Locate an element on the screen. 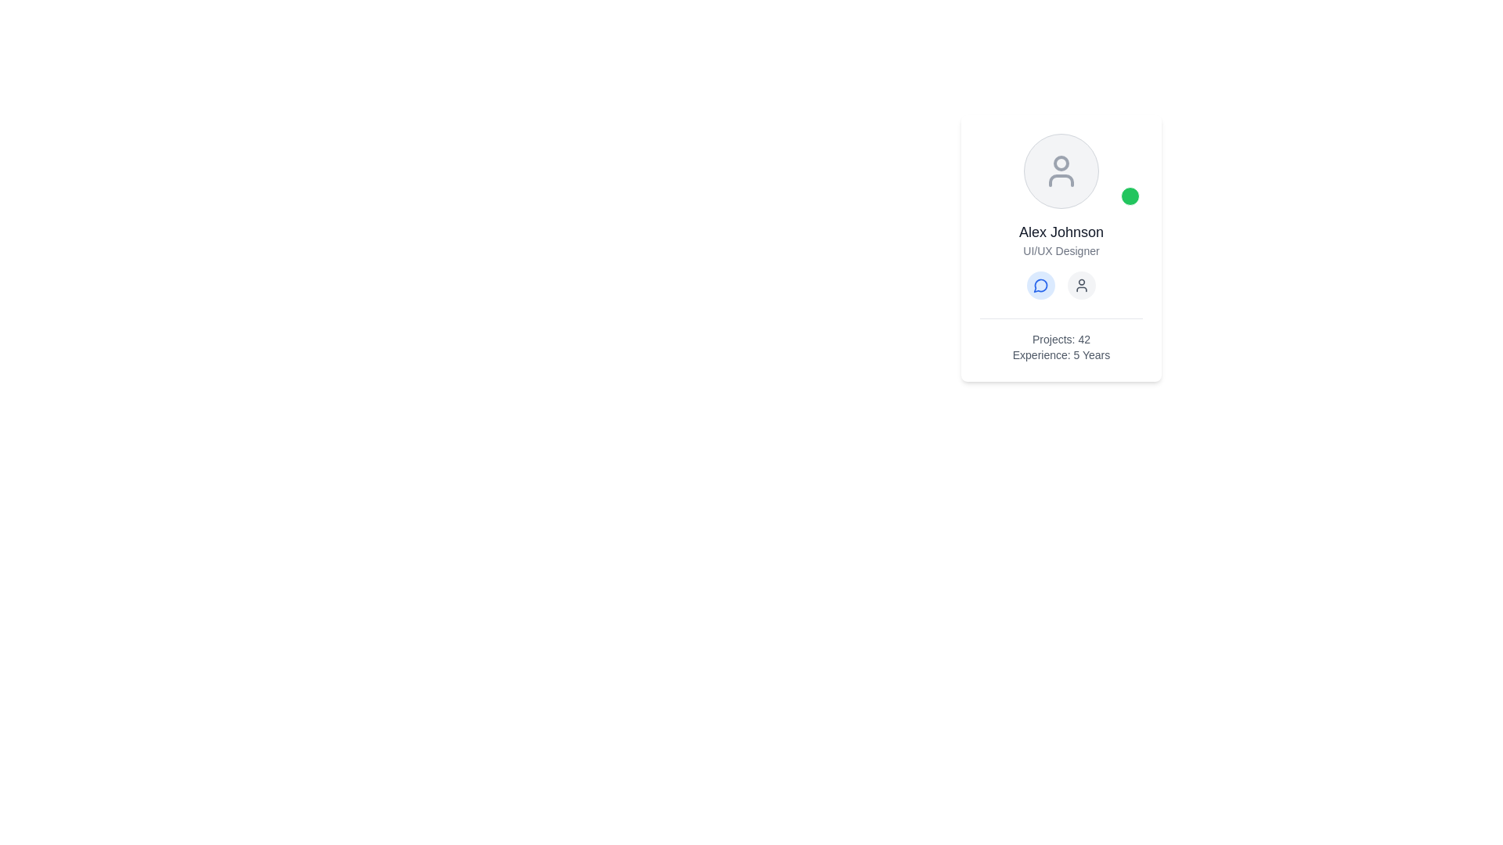  the text display component that identifies the user by displaying their name and occupation, located beneath the user profile icon and above the user stats section is located at coordinates (1061, 259).